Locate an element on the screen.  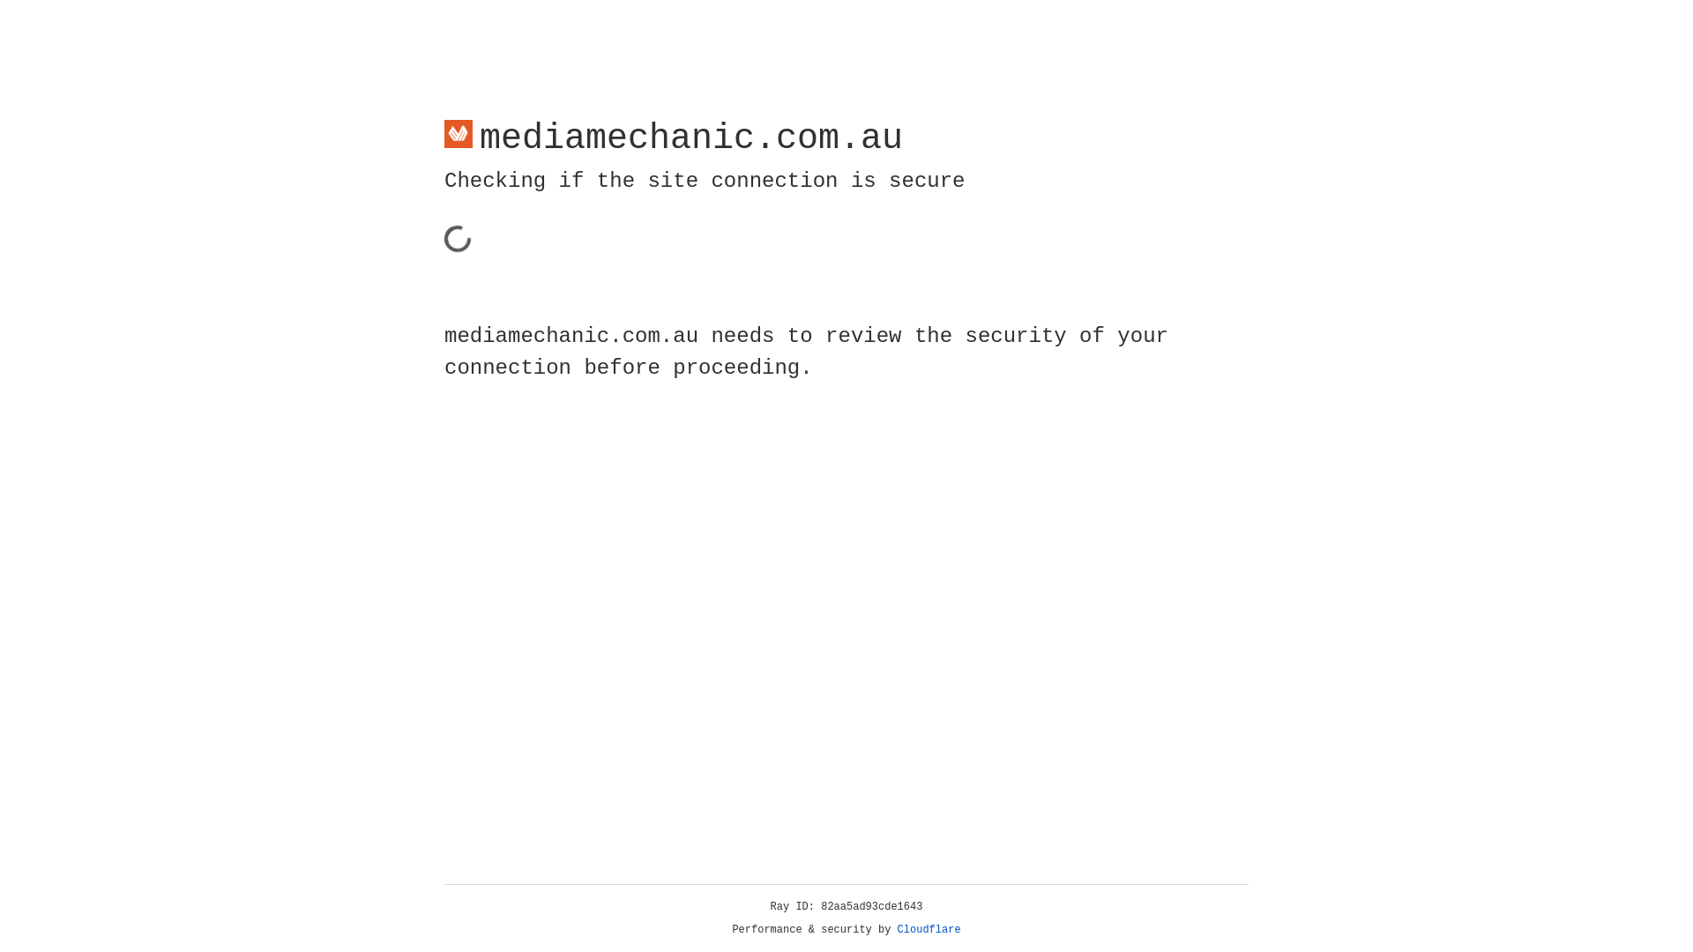
'Cloudflare' is located at coordinates (929, 929).